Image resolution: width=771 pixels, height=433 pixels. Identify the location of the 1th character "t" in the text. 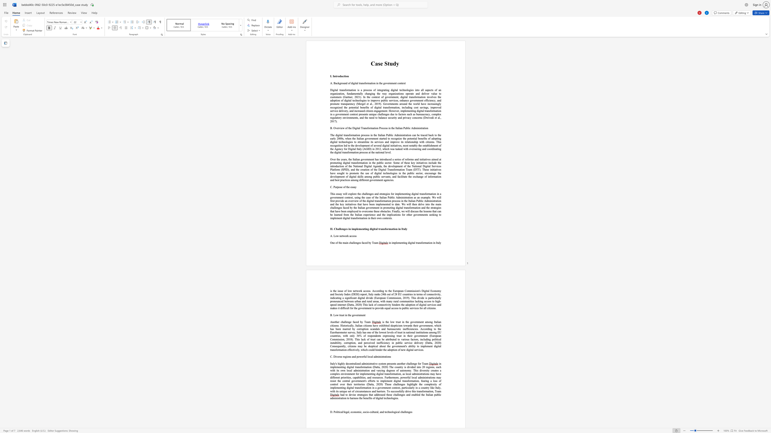
(388, 64).